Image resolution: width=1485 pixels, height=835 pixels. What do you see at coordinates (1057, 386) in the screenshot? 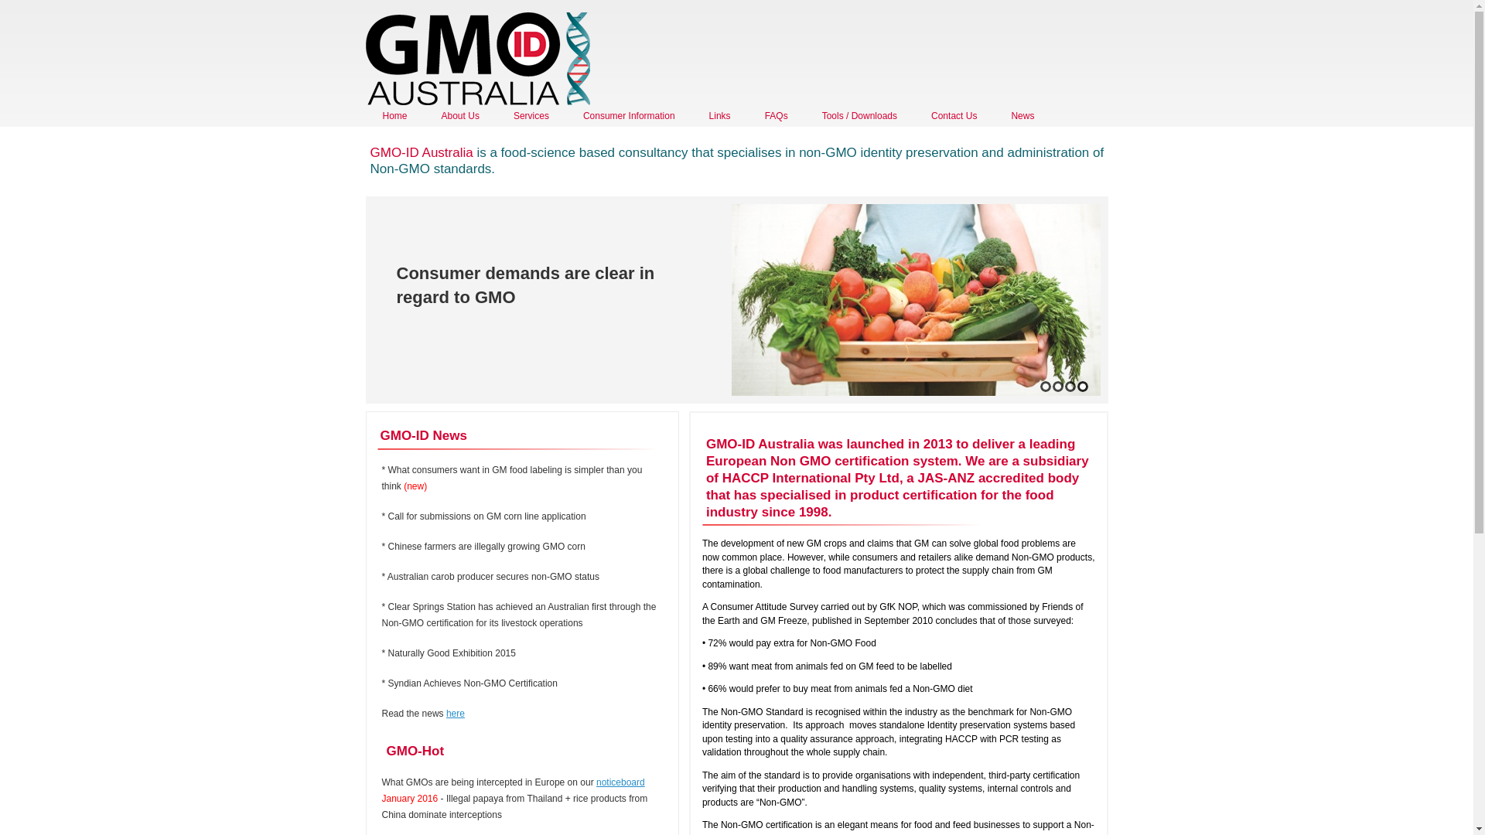
I see `'2'` at bounding box center [1057, 386].